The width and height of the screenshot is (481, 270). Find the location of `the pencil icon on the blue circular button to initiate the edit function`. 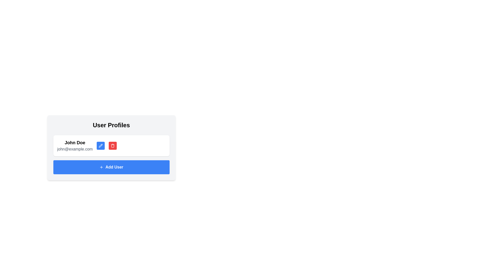

the pencil icon on the blue circular button to initiate the edit function is located at coordinates (100, 145).